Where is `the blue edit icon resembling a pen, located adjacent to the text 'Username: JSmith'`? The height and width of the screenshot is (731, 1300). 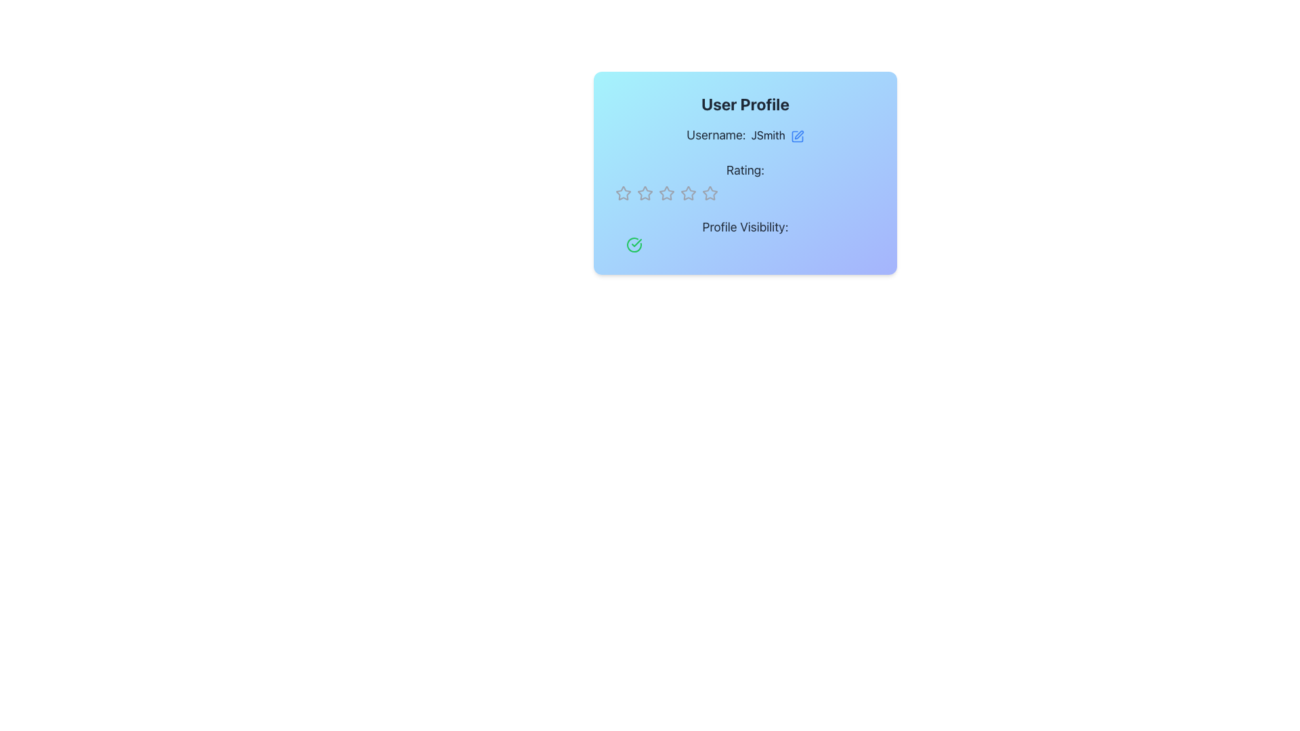
the blue edit icon resembling a pen, located adjacent to the text 'Username: JSmith' is located at coordinates (799, 135).